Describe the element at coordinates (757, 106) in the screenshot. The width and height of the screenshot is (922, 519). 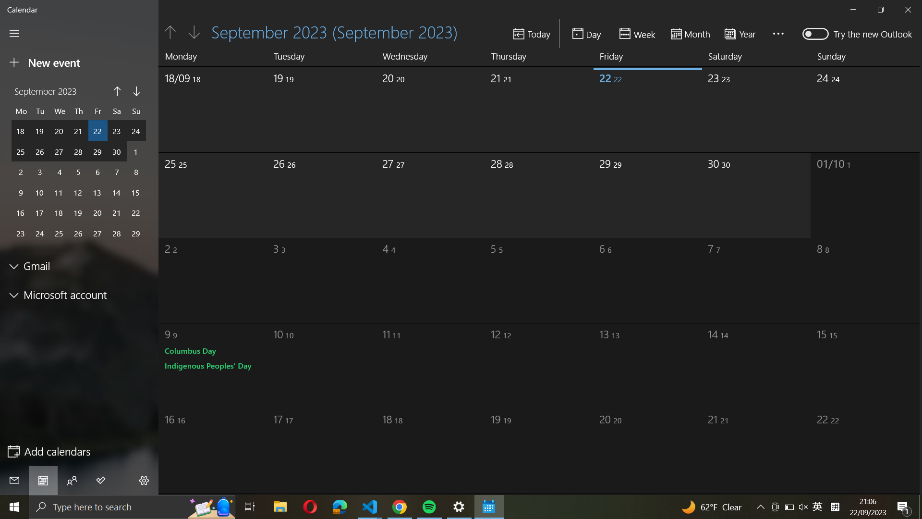
I see `jump to the date of Sep.30` at that location.